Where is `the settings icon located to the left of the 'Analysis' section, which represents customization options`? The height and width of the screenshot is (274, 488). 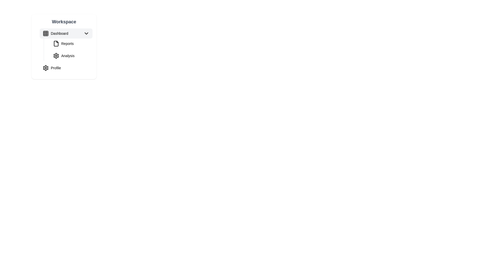
the settings icon located to the left of the 'Analysis' section, which represents customization options is located at coordinates (56, 56).